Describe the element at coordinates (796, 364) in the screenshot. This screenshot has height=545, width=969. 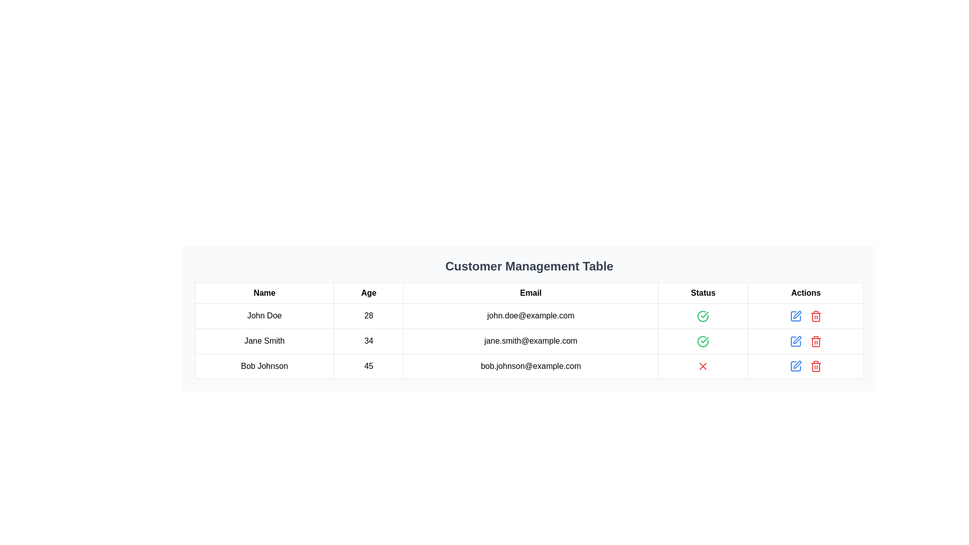
I see `the edit icon button, which resembles a pen and has a blue outline, located in the 'Actions' column of the last row of the customer management table` at that location.